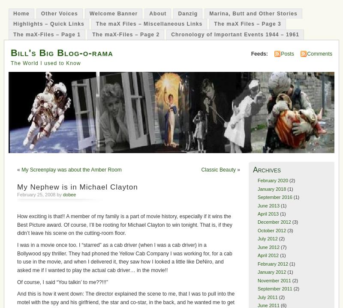 This screenshot has width=343, height=308. I want to click on 'January 2018', so click(271, 188).